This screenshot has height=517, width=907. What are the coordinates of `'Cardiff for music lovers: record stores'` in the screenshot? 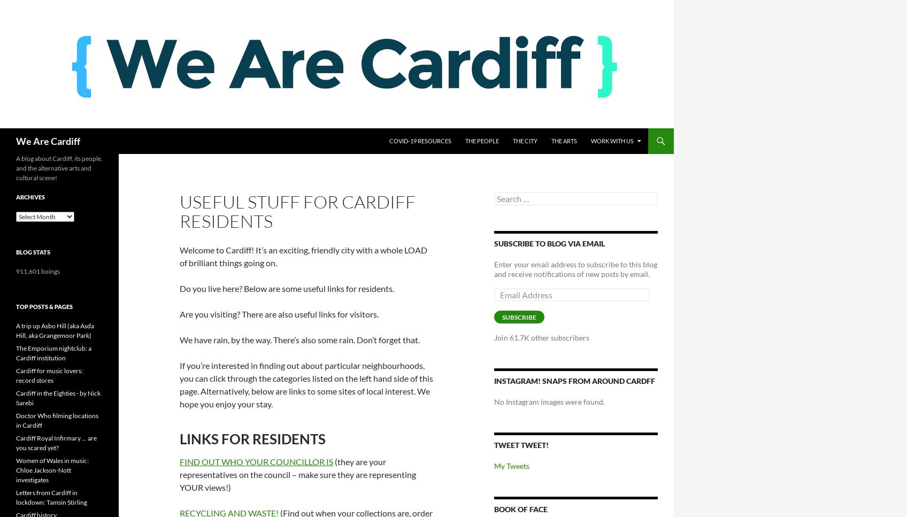 It's located at (49, 375).